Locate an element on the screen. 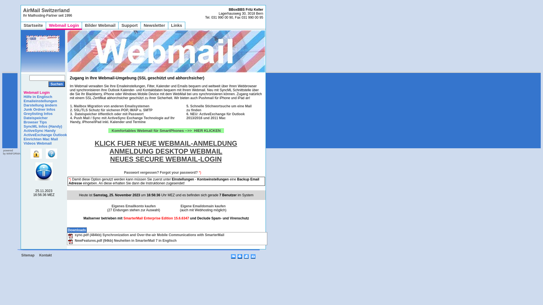 This screenshot has width=543, height=305. 'Eigenes Emailkonto kaufen' is located at coordinates (133, 206).